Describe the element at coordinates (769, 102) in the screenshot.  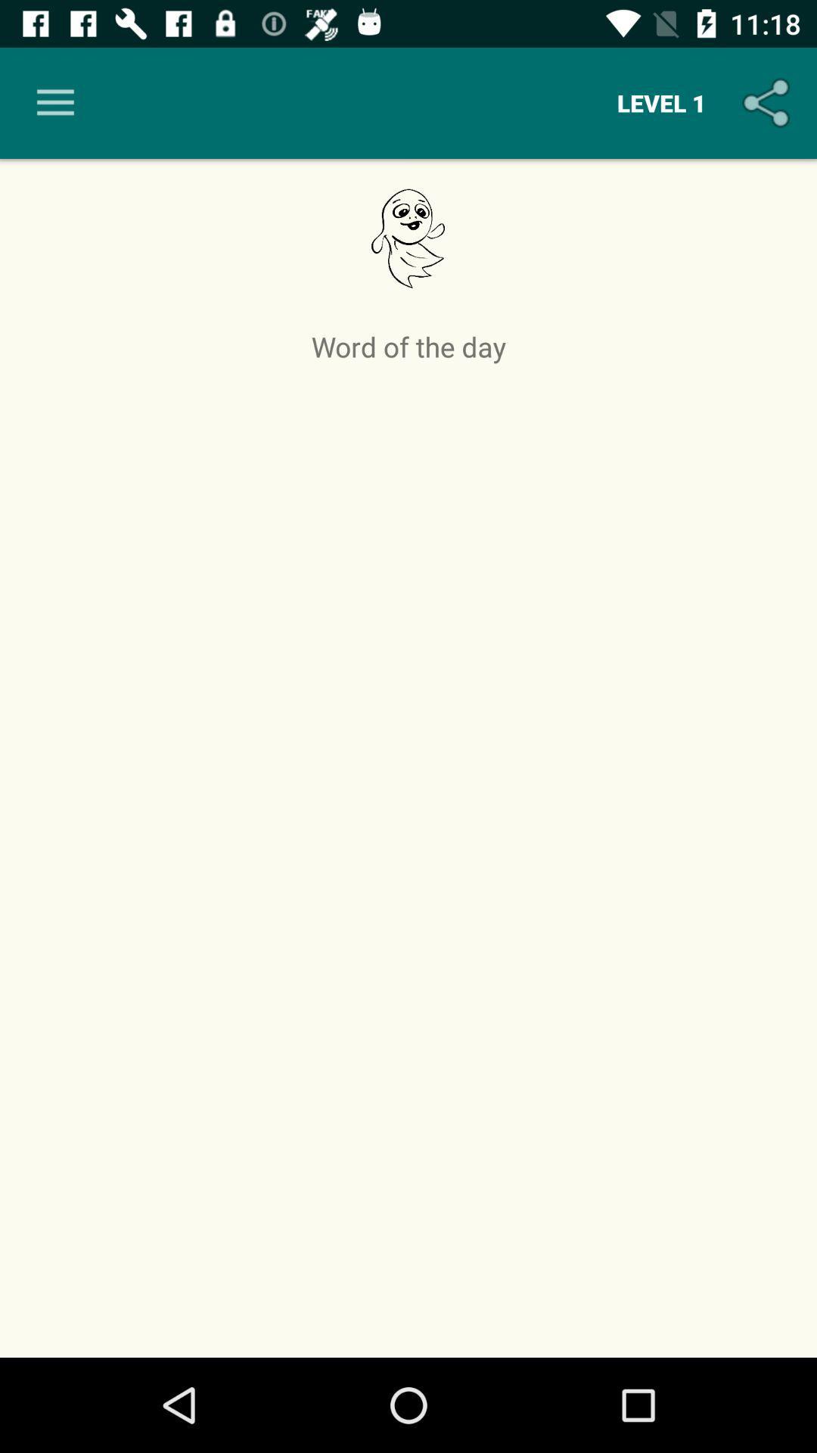
I see `the icon to the right of the level 1 item` at that location.